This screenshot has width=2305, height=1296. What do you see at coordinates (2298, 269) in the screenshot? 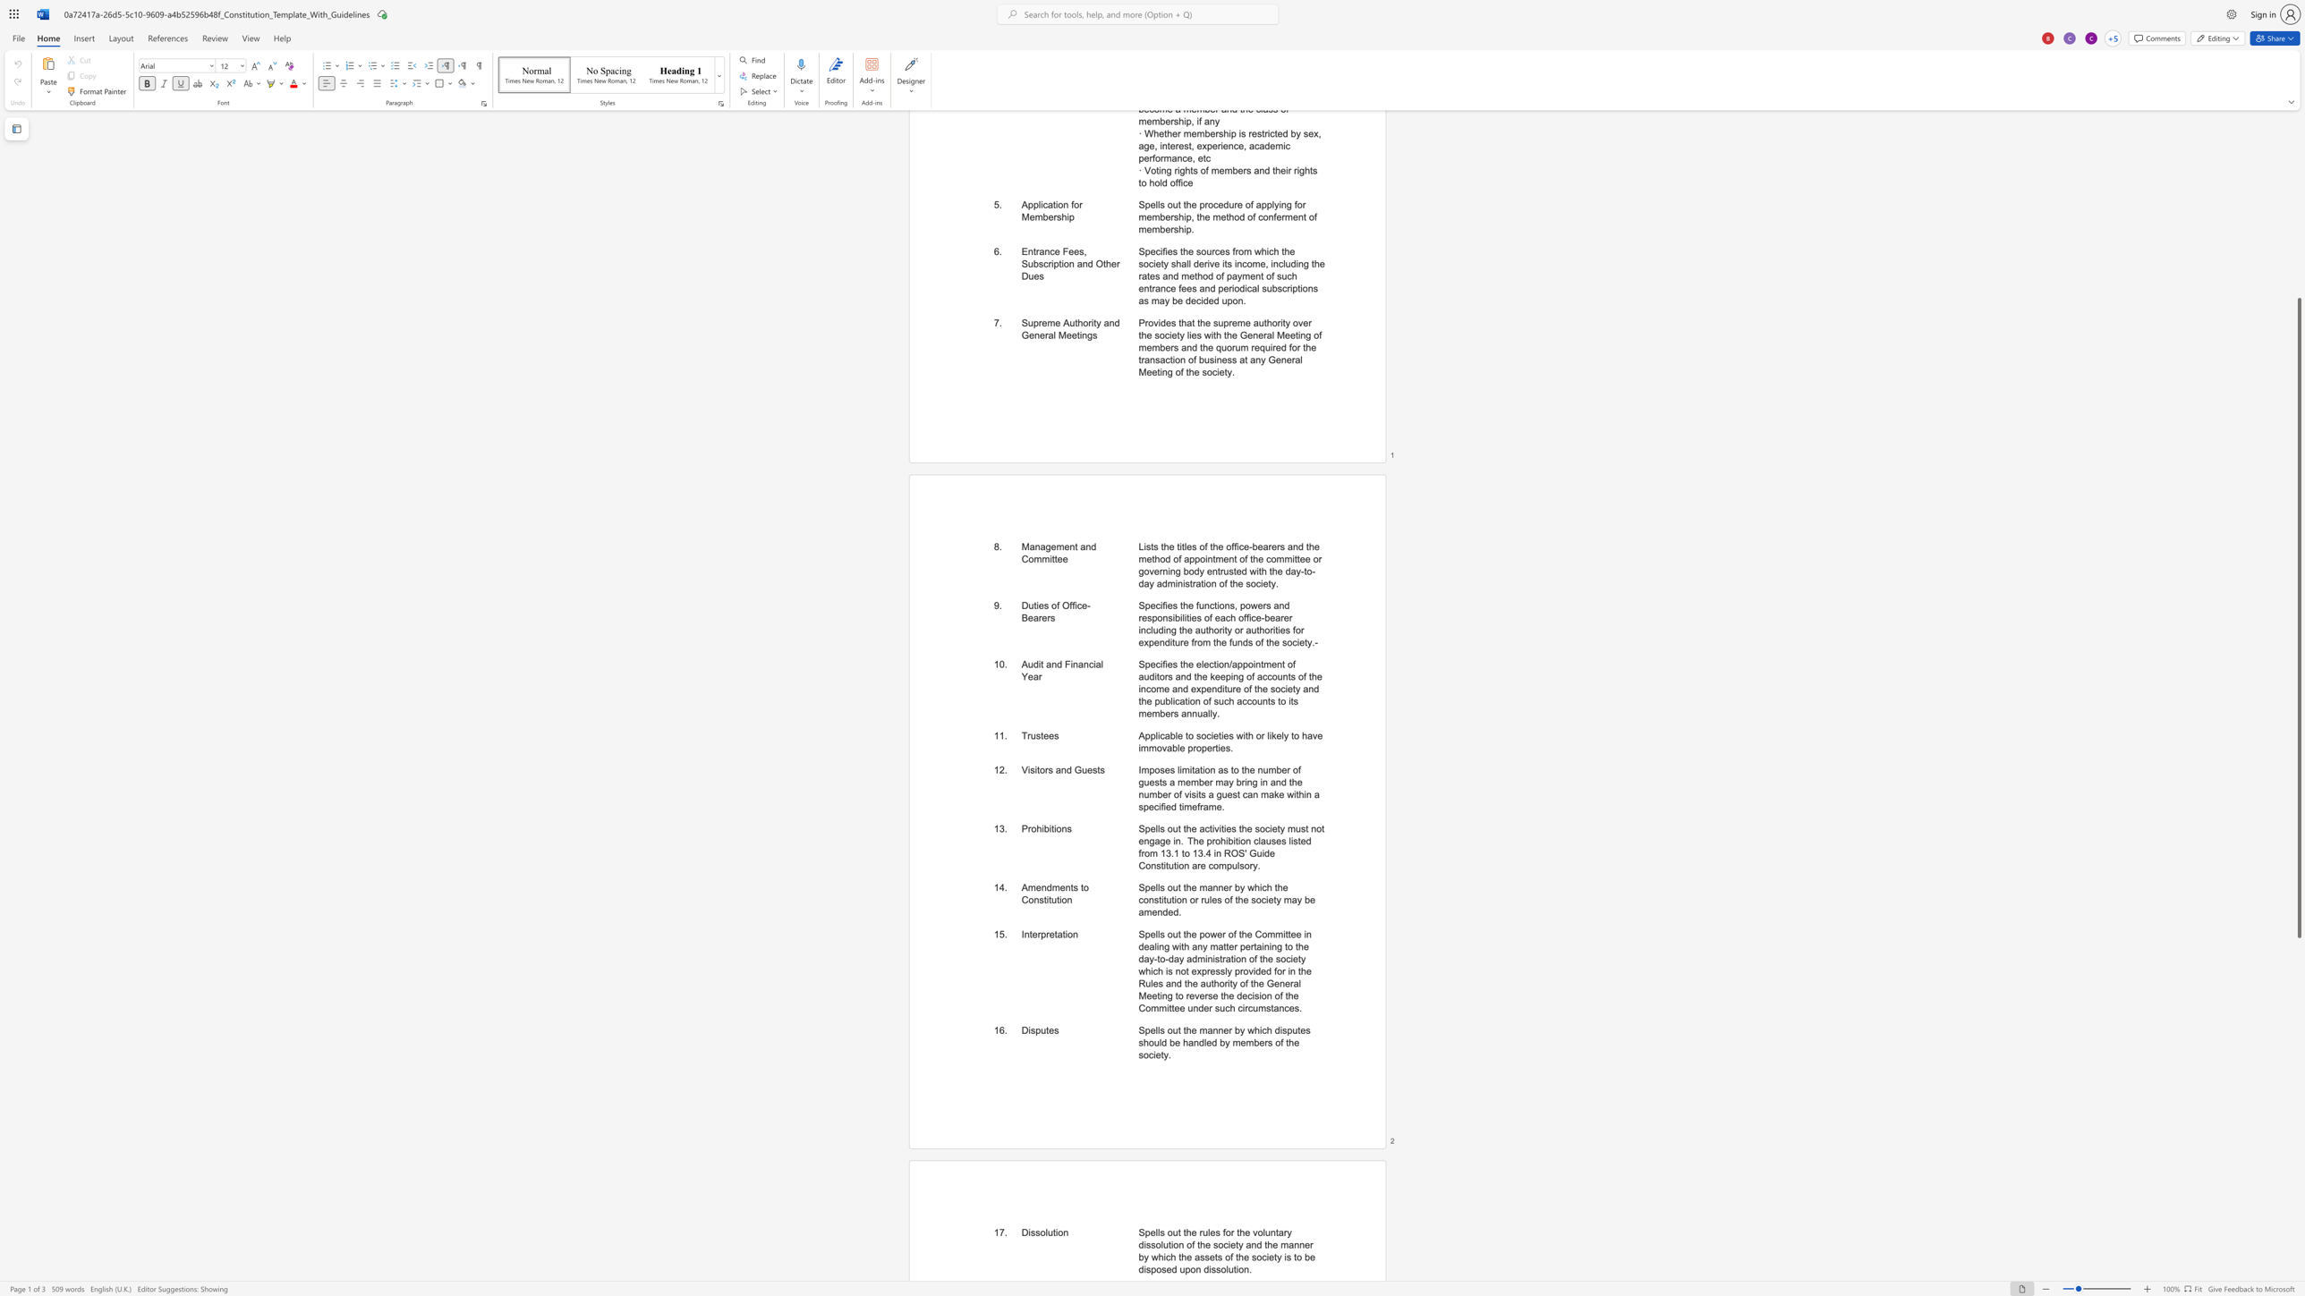
I see `the scrollbar on the right side to scroll the page up` at bounding box center [2298, 269].